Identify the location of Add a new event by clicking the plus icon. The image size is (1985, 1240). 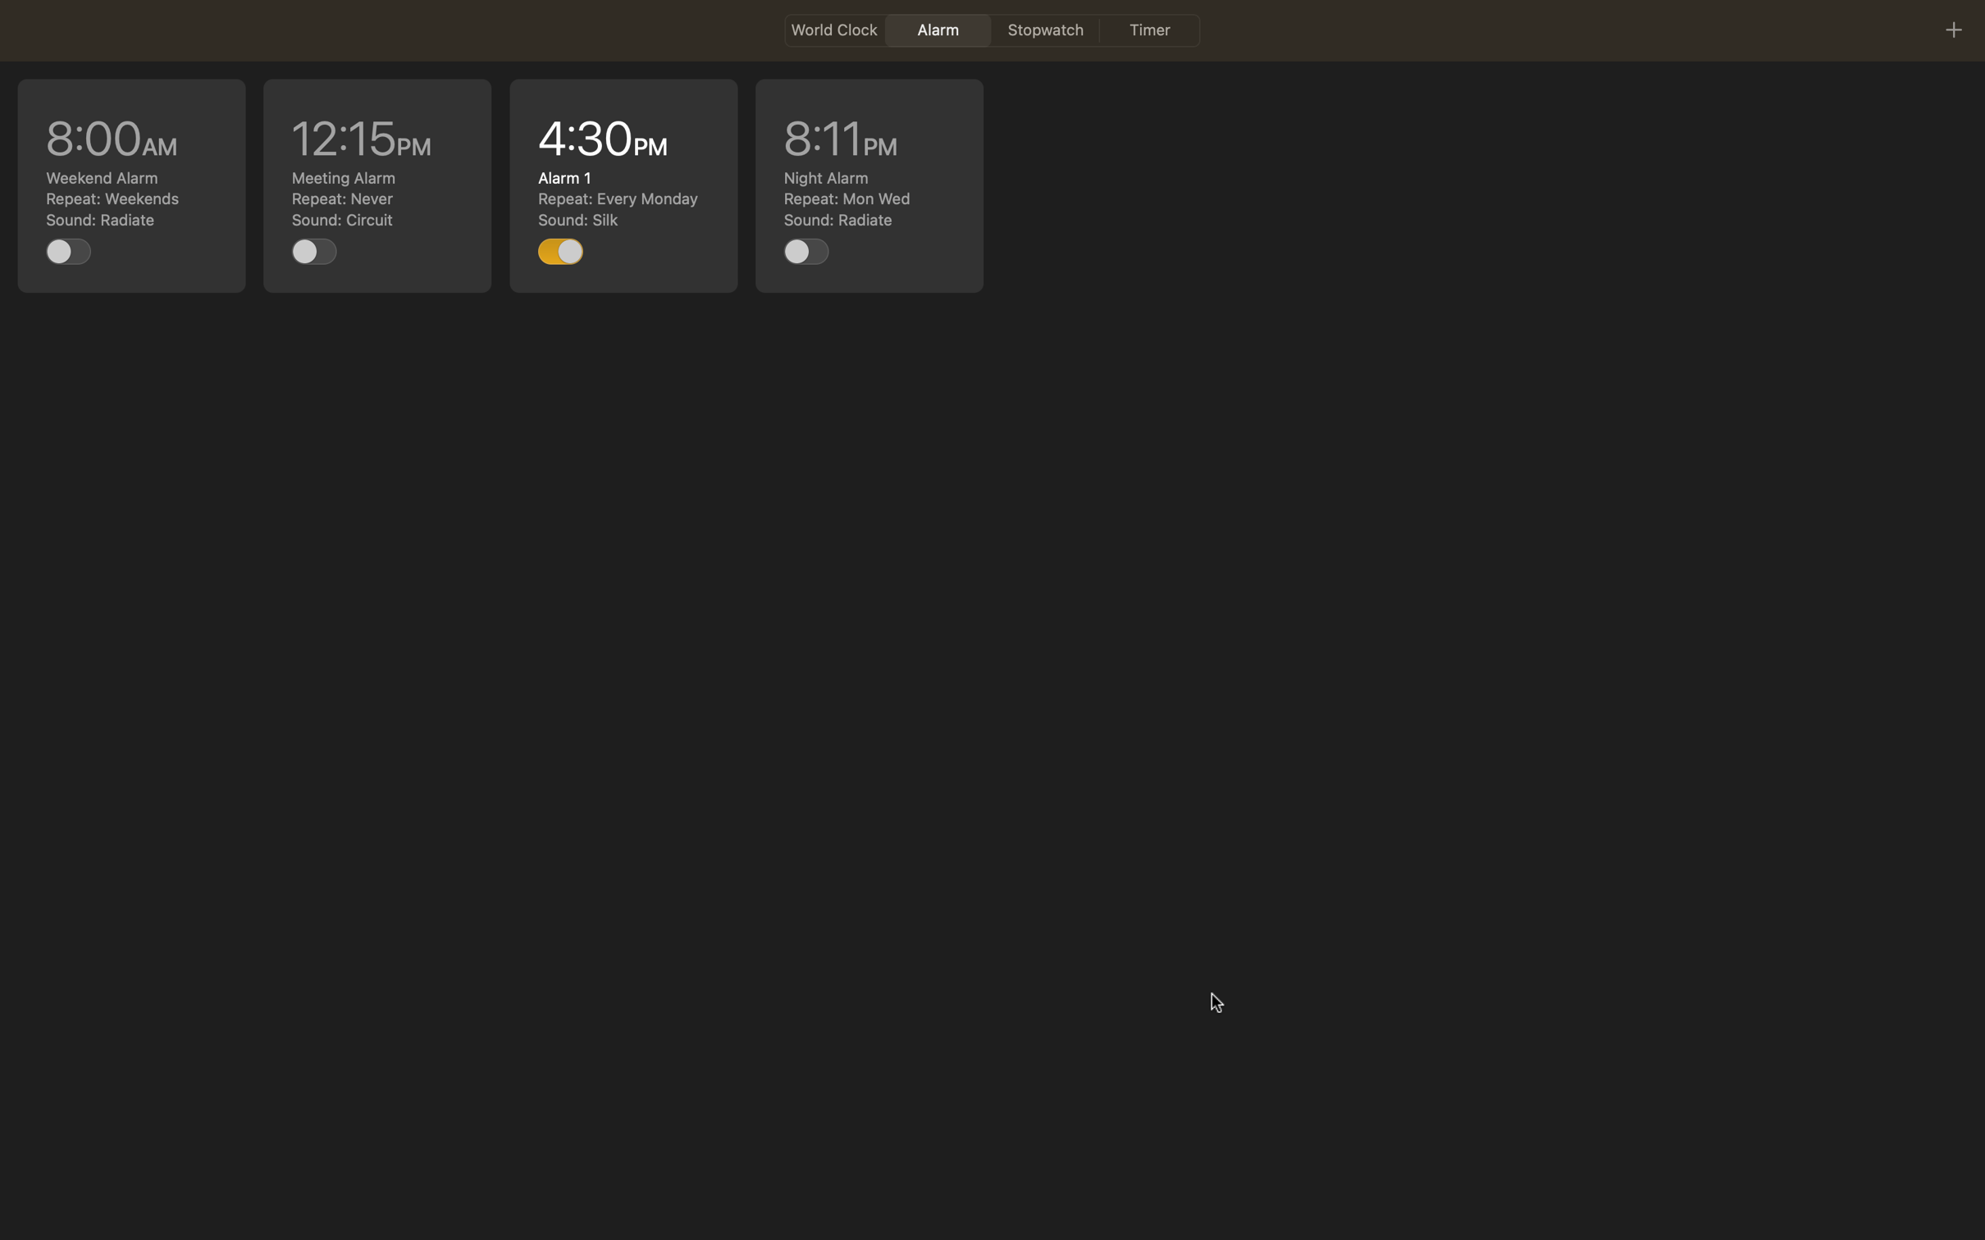
(1952, 29).